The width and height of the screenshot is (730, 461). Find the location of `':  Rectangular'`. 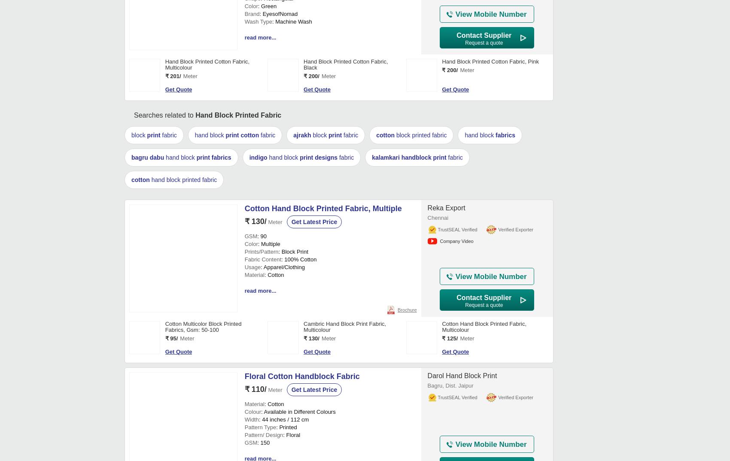

':  Rectangular' is located at coordinates (277, 261).